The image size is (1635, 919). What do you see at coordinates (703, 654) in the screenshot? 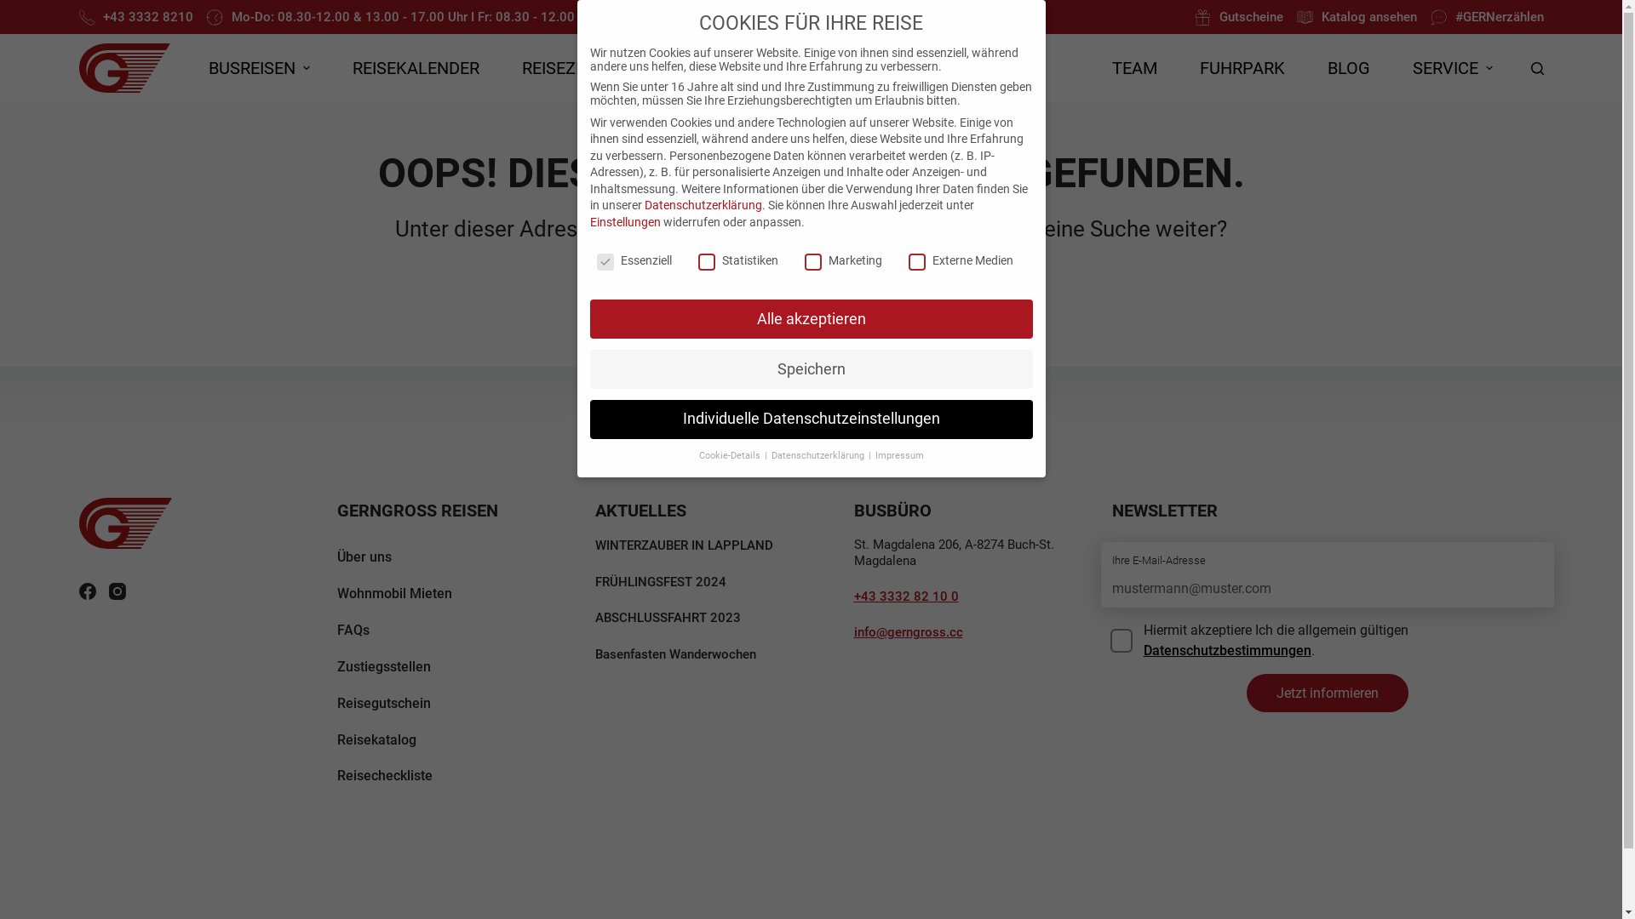
I see `'Basenfasten Wanderwochen'` at bounding box center [703, 654].